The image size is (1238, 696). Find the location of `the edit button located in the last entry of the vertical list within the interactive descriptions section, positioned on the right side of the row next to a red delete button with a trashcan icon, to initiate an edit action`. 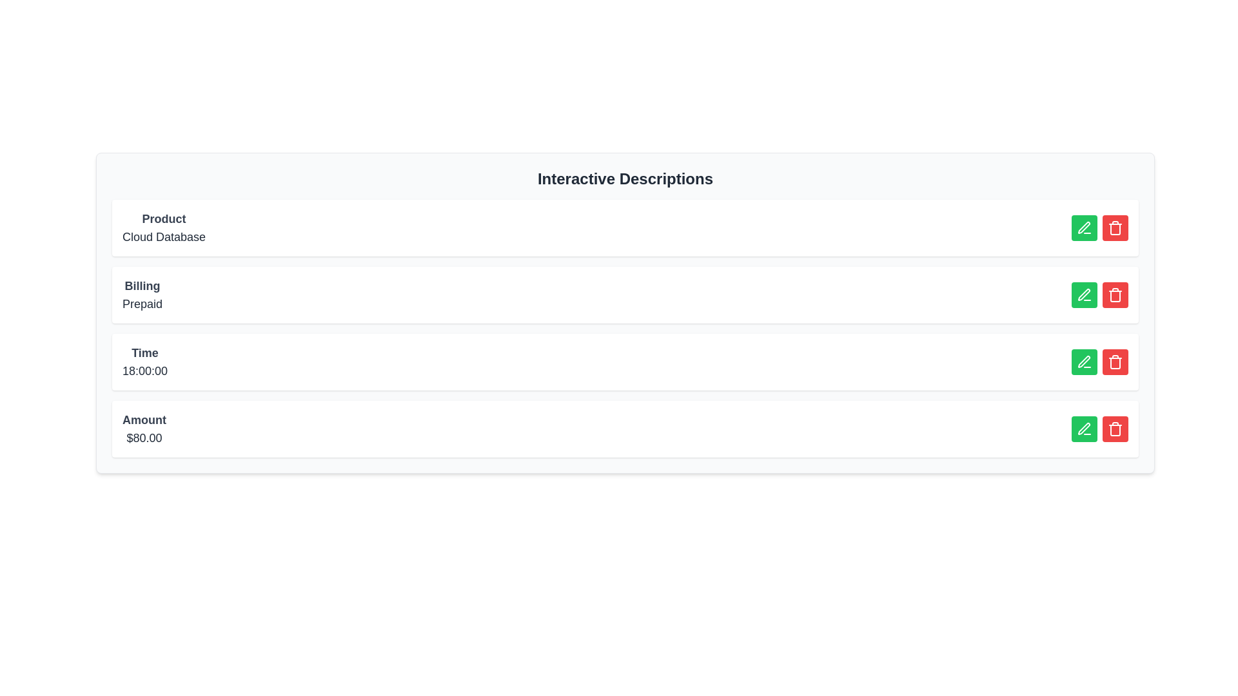

the edit button located in the last entry of the vertical list within the interactive descriptions section, positioned on the right side of the row next to a red delete button with a trashcan icon, to initiate an edit action is located at coordinates (1083, 429).